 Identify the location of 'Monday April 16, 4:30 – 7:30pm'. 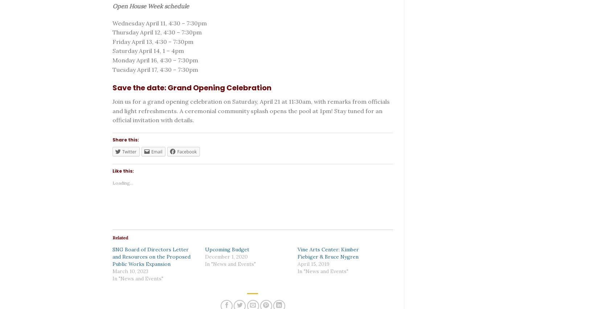
(155, 59).